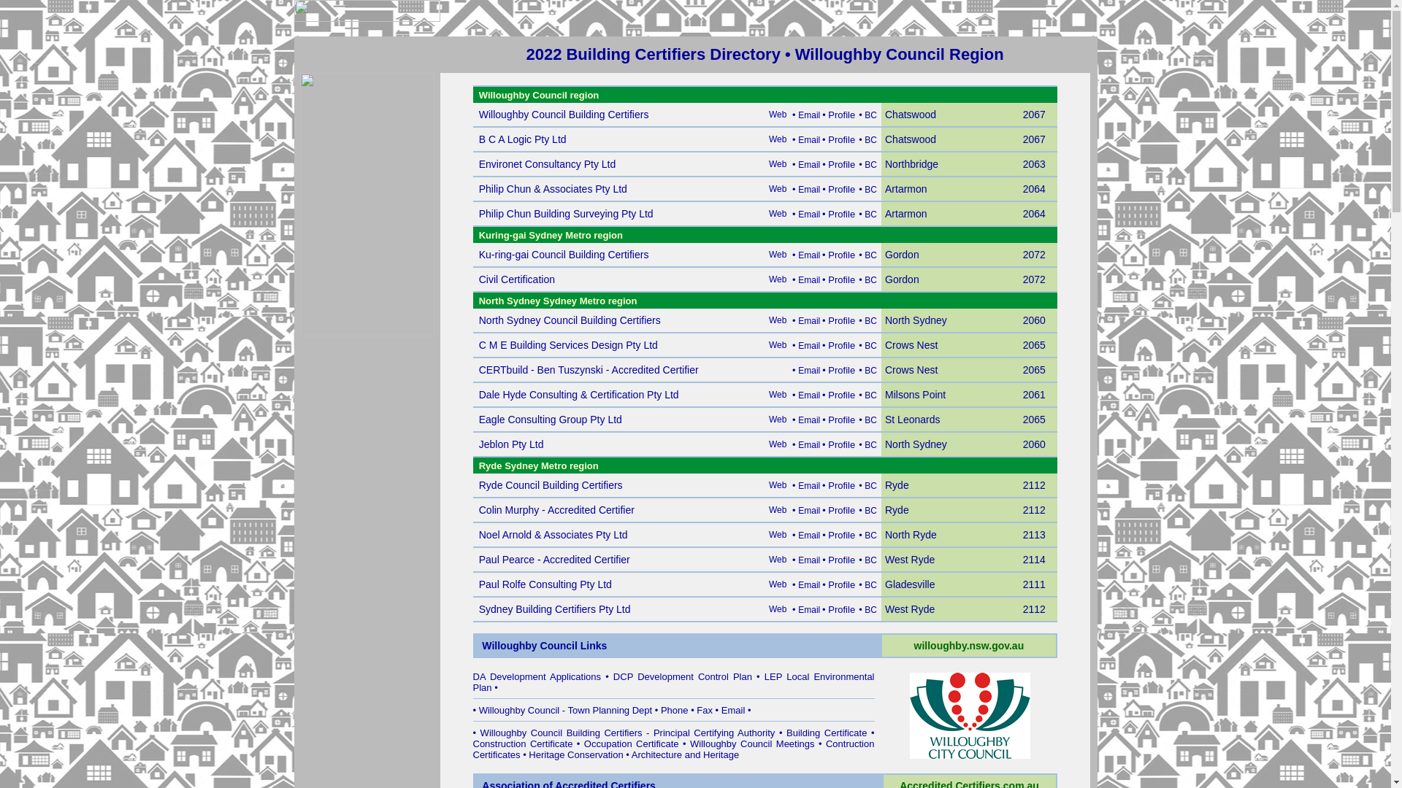  I want to click on 'Gladesville', so click(909, 584).